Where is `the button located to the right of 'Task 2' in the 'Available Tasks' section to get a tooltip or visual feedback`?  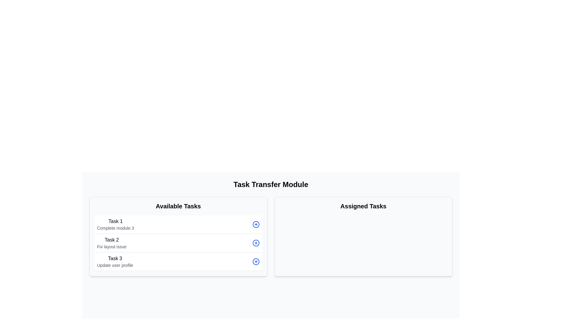 the button located to the right of 'Task 2' in the 'Available Tasks' section to get a tooltip or visual feedback is located at coordinates (256, 243).